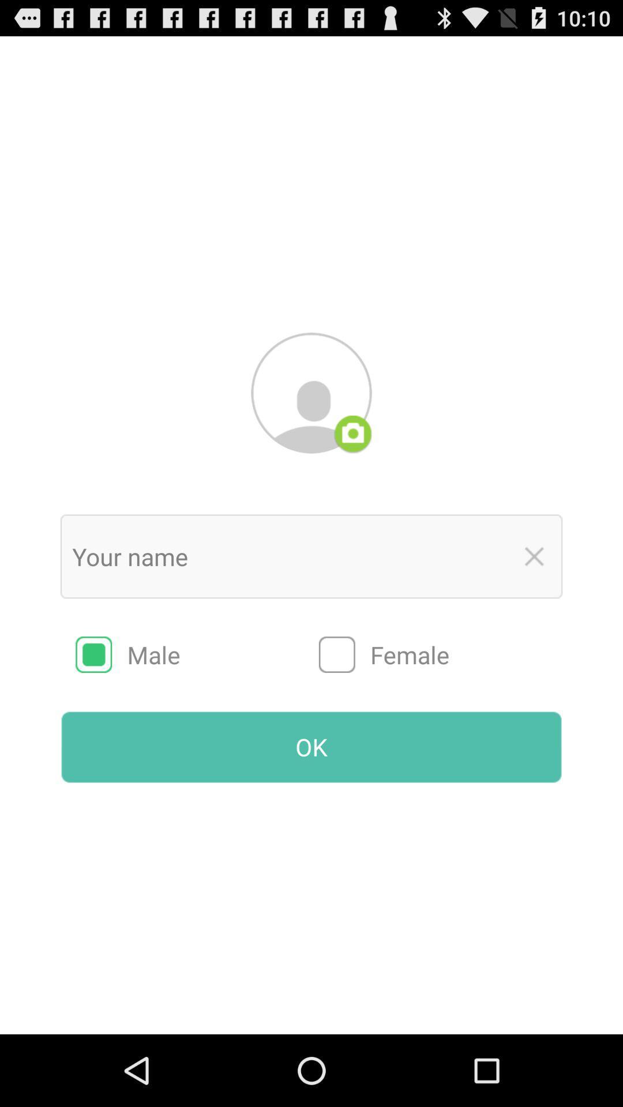 The height and width of the screenshot is (1107, 623). What do you see at coordinates (440, 654) in the screenshot?
I see `the item above the ok` at bounding box center [440, 654].